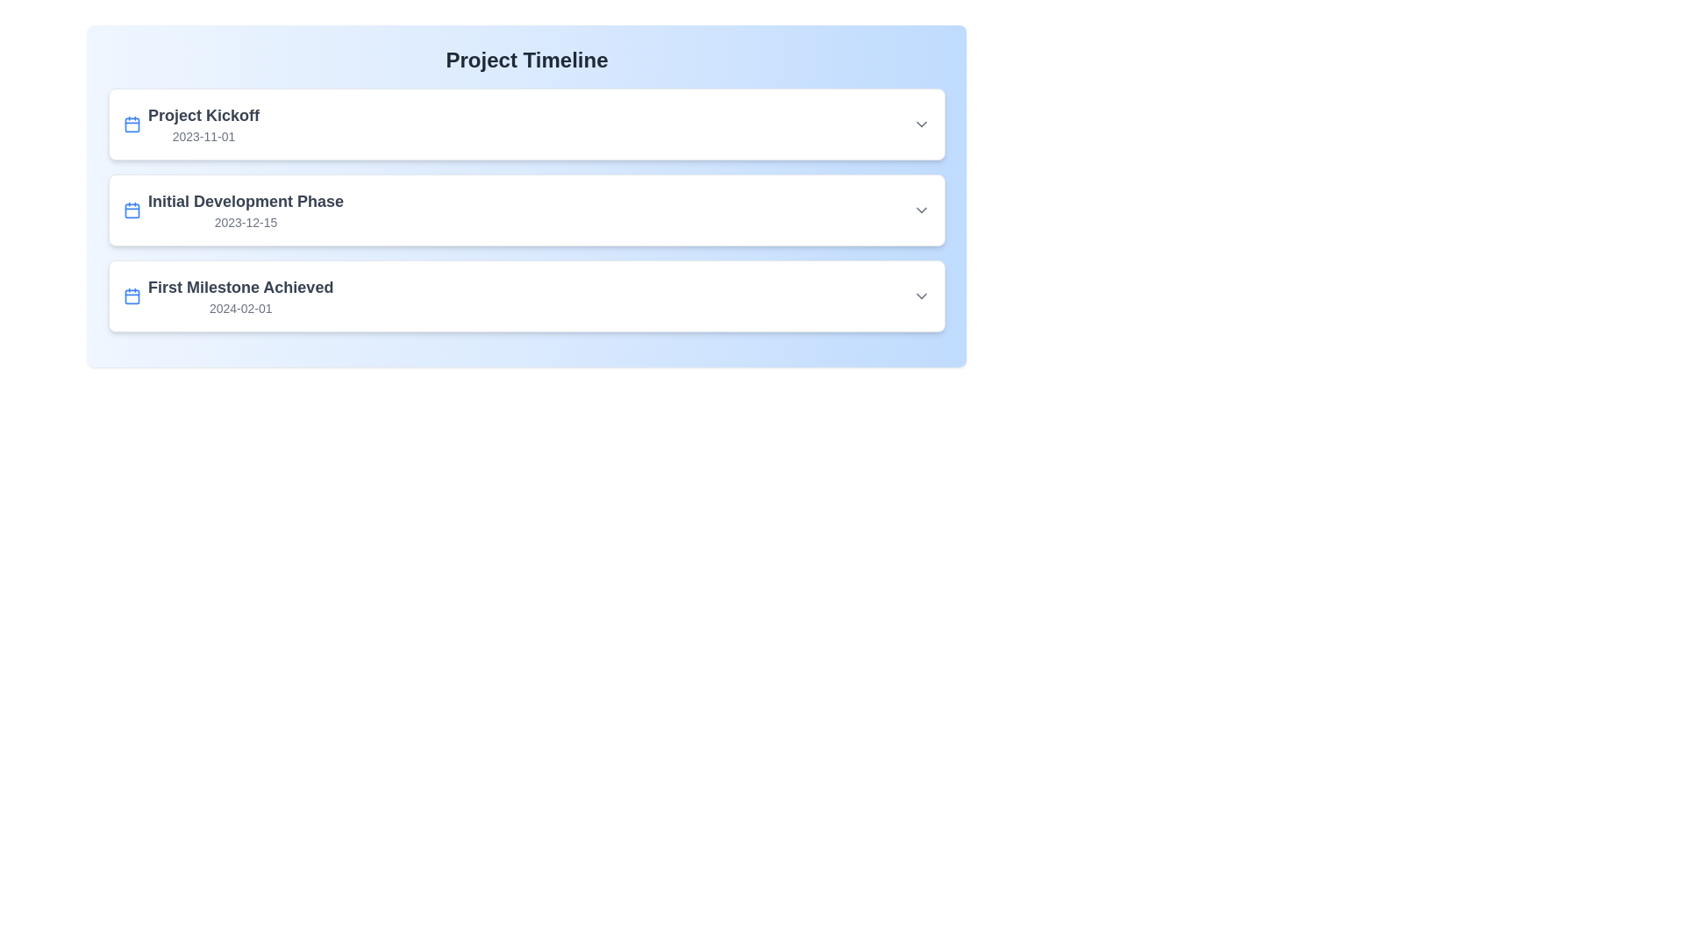 The image size is (1684, 947). What do you see at coordinates (921, 295) in the screenshot?
I see `the toggle button located on the right side of the 'First Milestone Achieved' milestone entry` at bounding box center [921, 295].